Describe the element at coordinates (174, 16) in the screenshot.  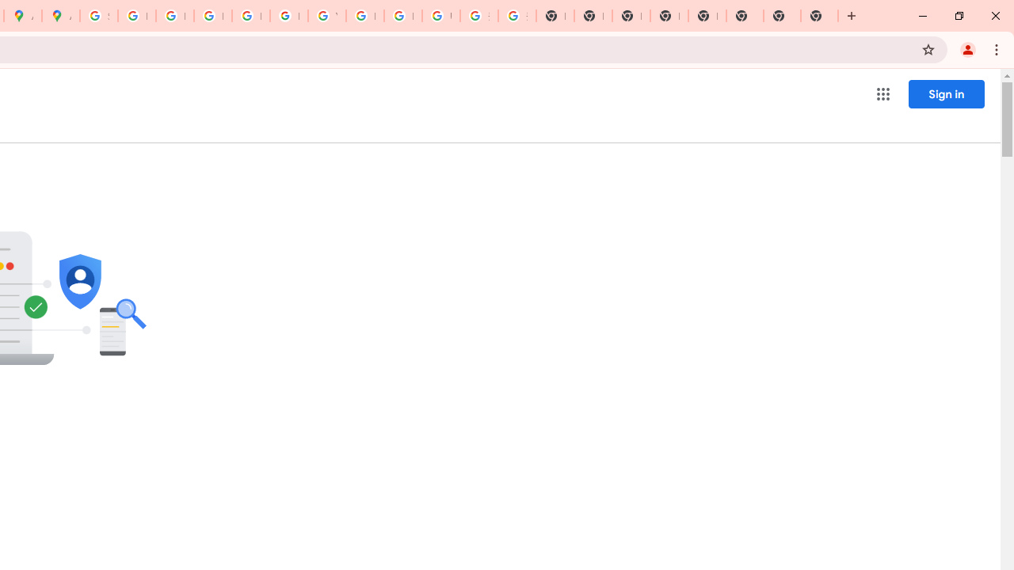
I see `'Privacy Help Center - Policies Help'` at that location.